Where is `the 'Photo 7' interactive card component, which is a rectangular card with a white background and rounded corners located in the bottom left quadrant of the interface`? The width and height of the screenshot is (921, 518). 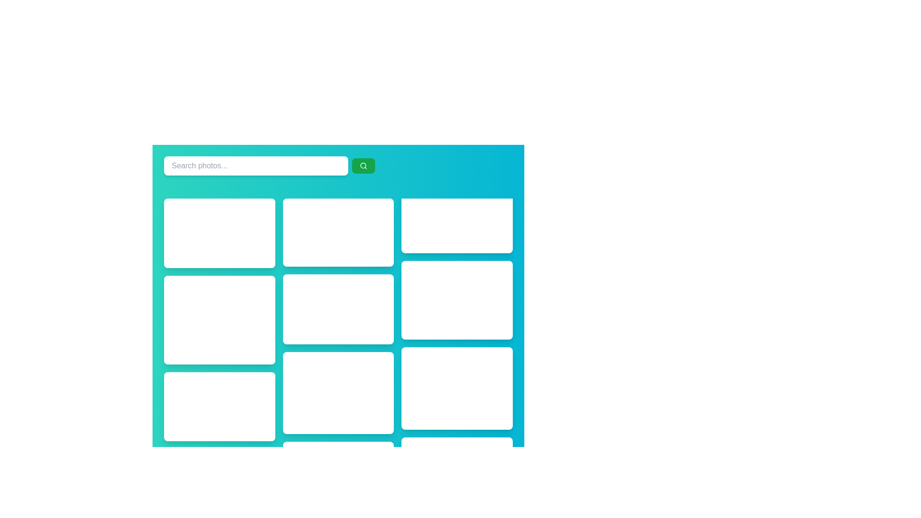
the 'Photo 7' interactive card component, which is a rectangular card with a white background and rounded corners located in the bottom left quadrant of the interface is located at coordinates (338, 393).